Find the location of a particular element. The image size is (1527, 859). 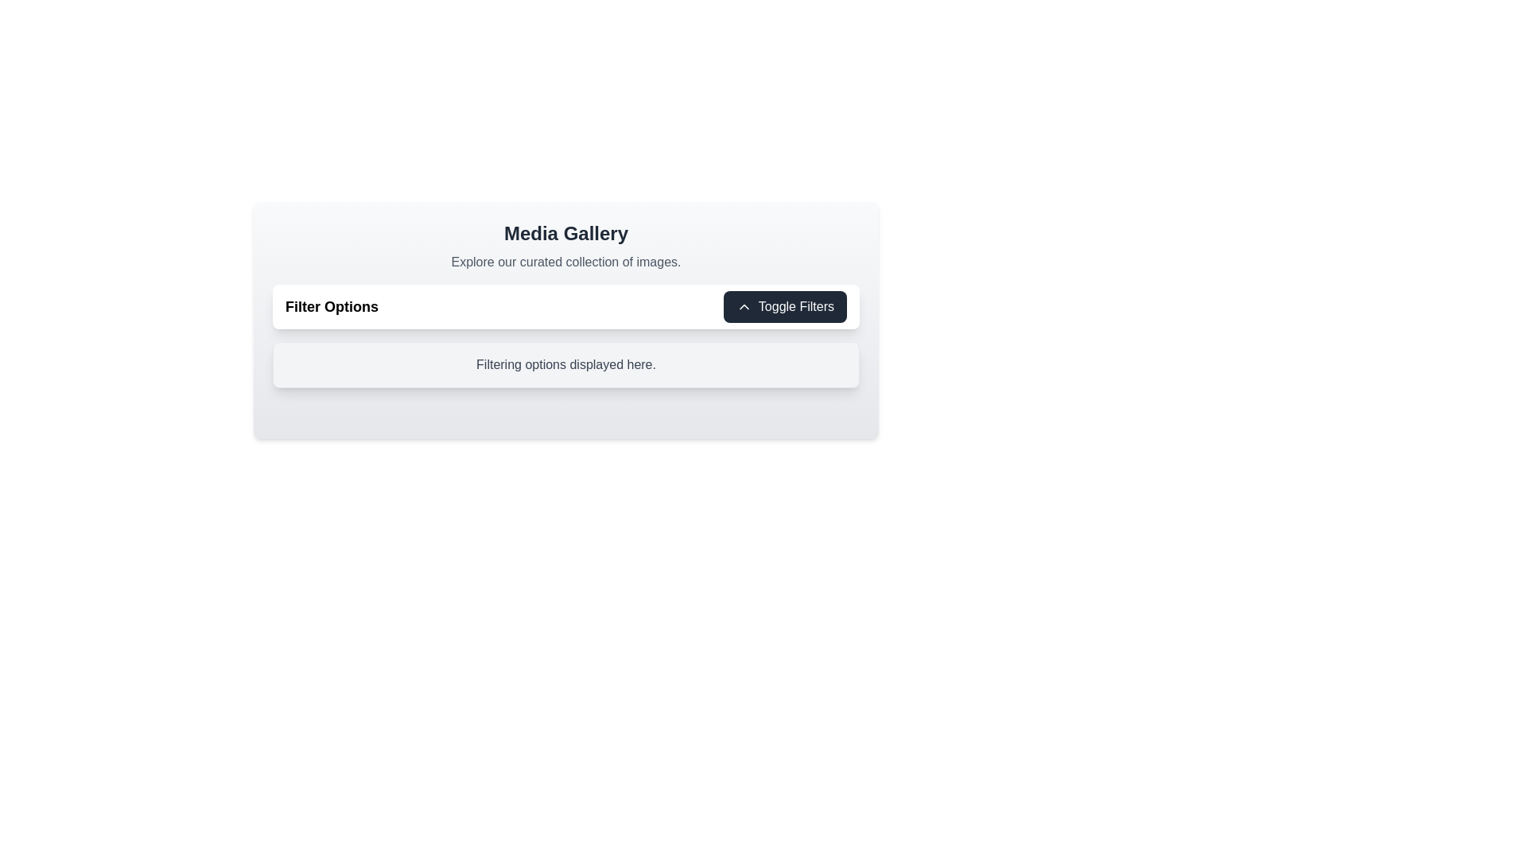

the upward toggle icon located to the left of the text in the 'Toggle Filters' button at the top-right corner of the 'Media Gallery' section is located at coordinates (743, 306).